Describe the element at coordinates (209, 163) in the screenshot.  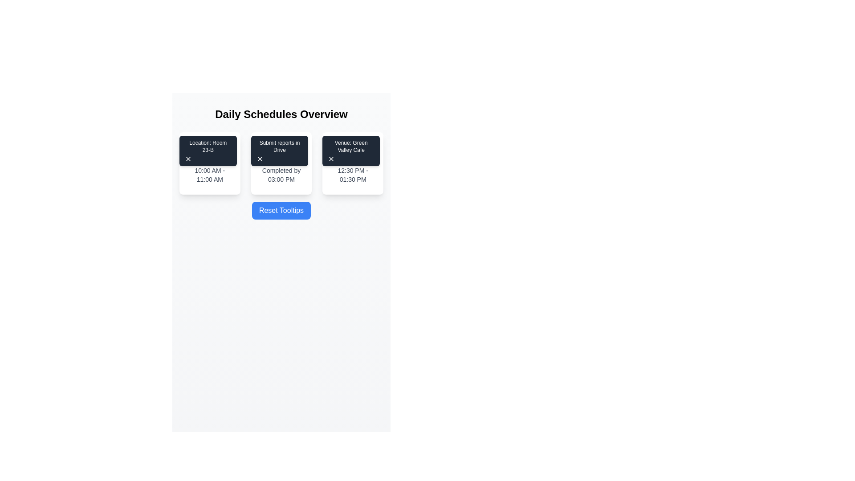
I see `the Informational Card located at the top-left corner of the grid layout, which provides scheduling information for a meeting` at that location.